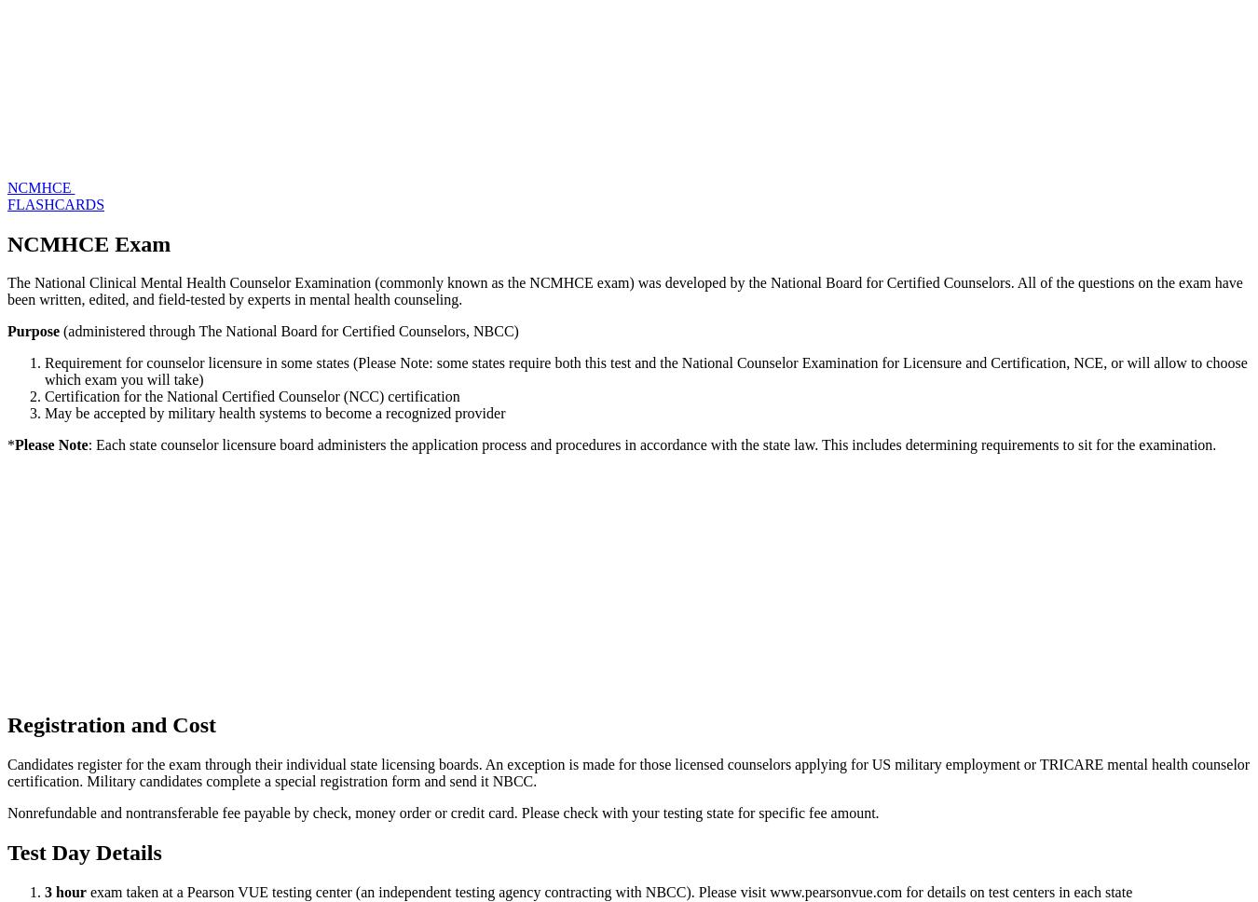  I want to click on 'Test Day Details', so click(83, 852).